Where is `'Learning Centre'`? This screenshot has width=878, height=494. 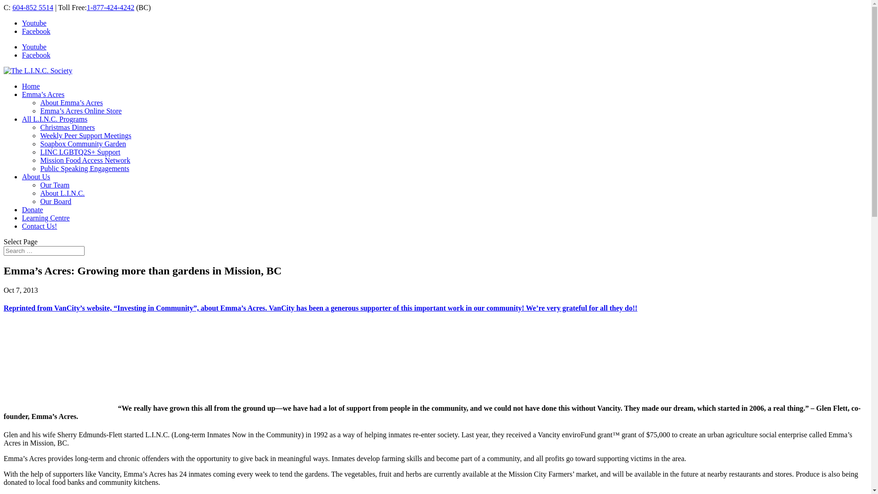 'Learning Centre' is located at coordinates (45, 218).